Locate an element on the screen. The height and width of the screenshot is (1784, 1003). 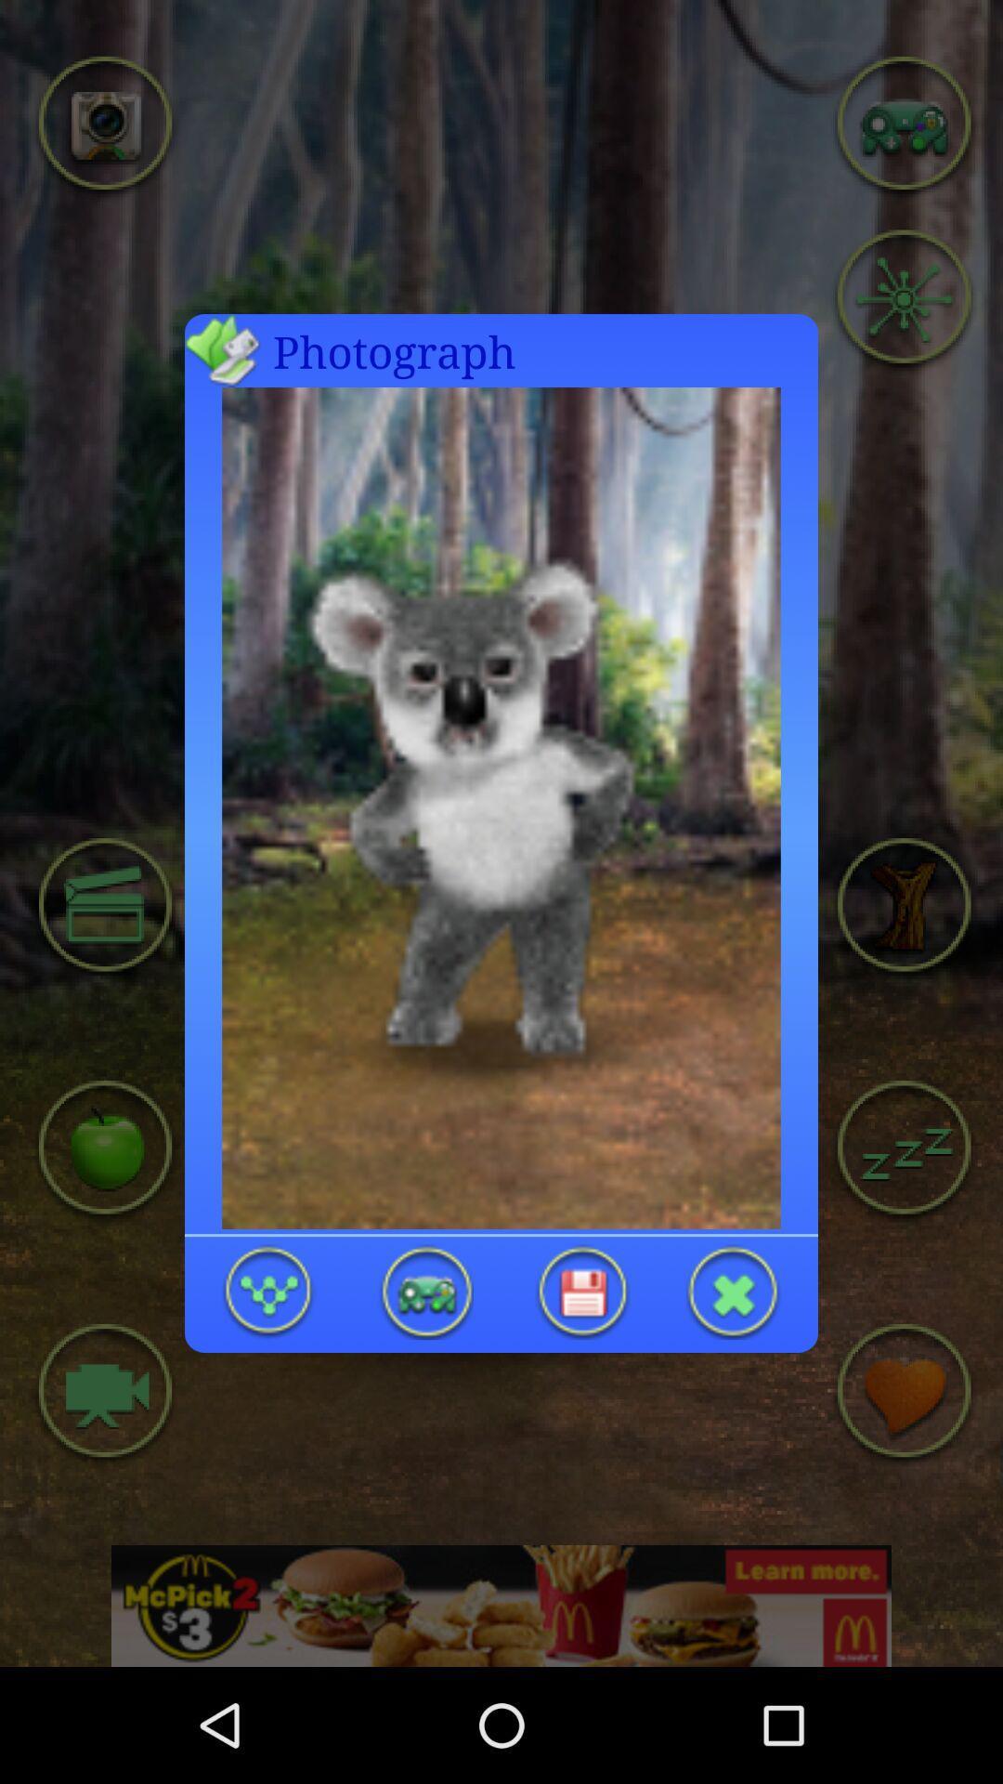
the icon at the bottom left corner is located at coordinates (268, 1291).